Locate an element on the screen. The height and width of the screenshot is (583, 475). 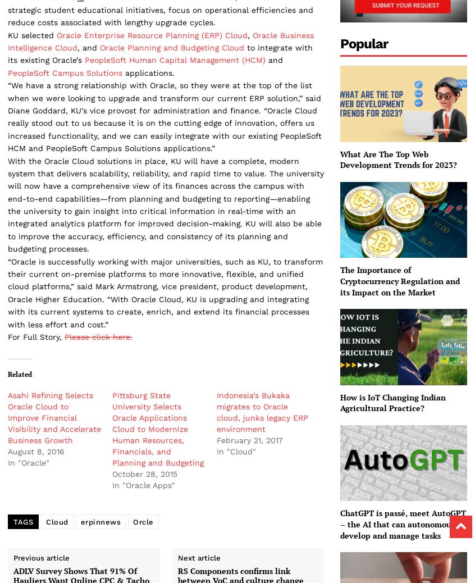
'KU selected' is located at coordinates (31, 34).